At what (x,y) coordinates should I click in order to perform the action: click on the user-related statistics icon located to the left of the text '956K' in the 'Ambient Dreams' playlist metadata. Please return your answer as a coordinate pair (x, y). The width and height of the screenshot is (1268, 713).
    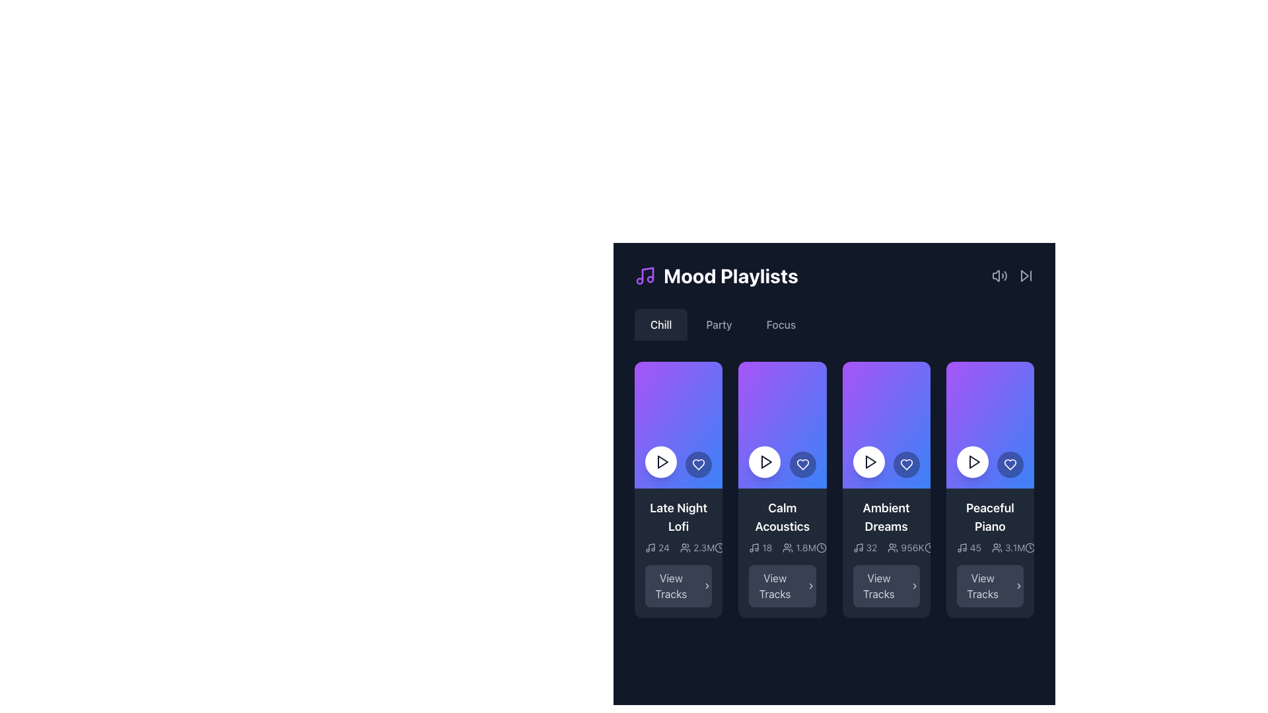
    Looking at the image, I should click on (893, 547).